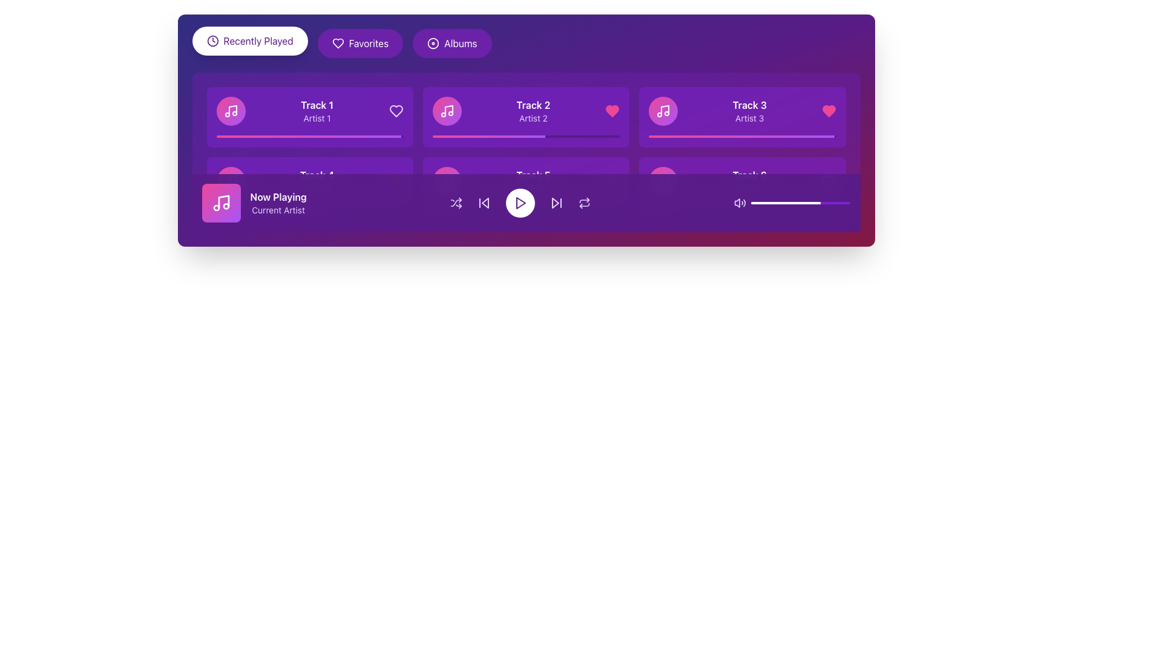  I want to click on the heart-shaped icon button located to the right of the title and artist name of 'Track 1', so click(338, 43).